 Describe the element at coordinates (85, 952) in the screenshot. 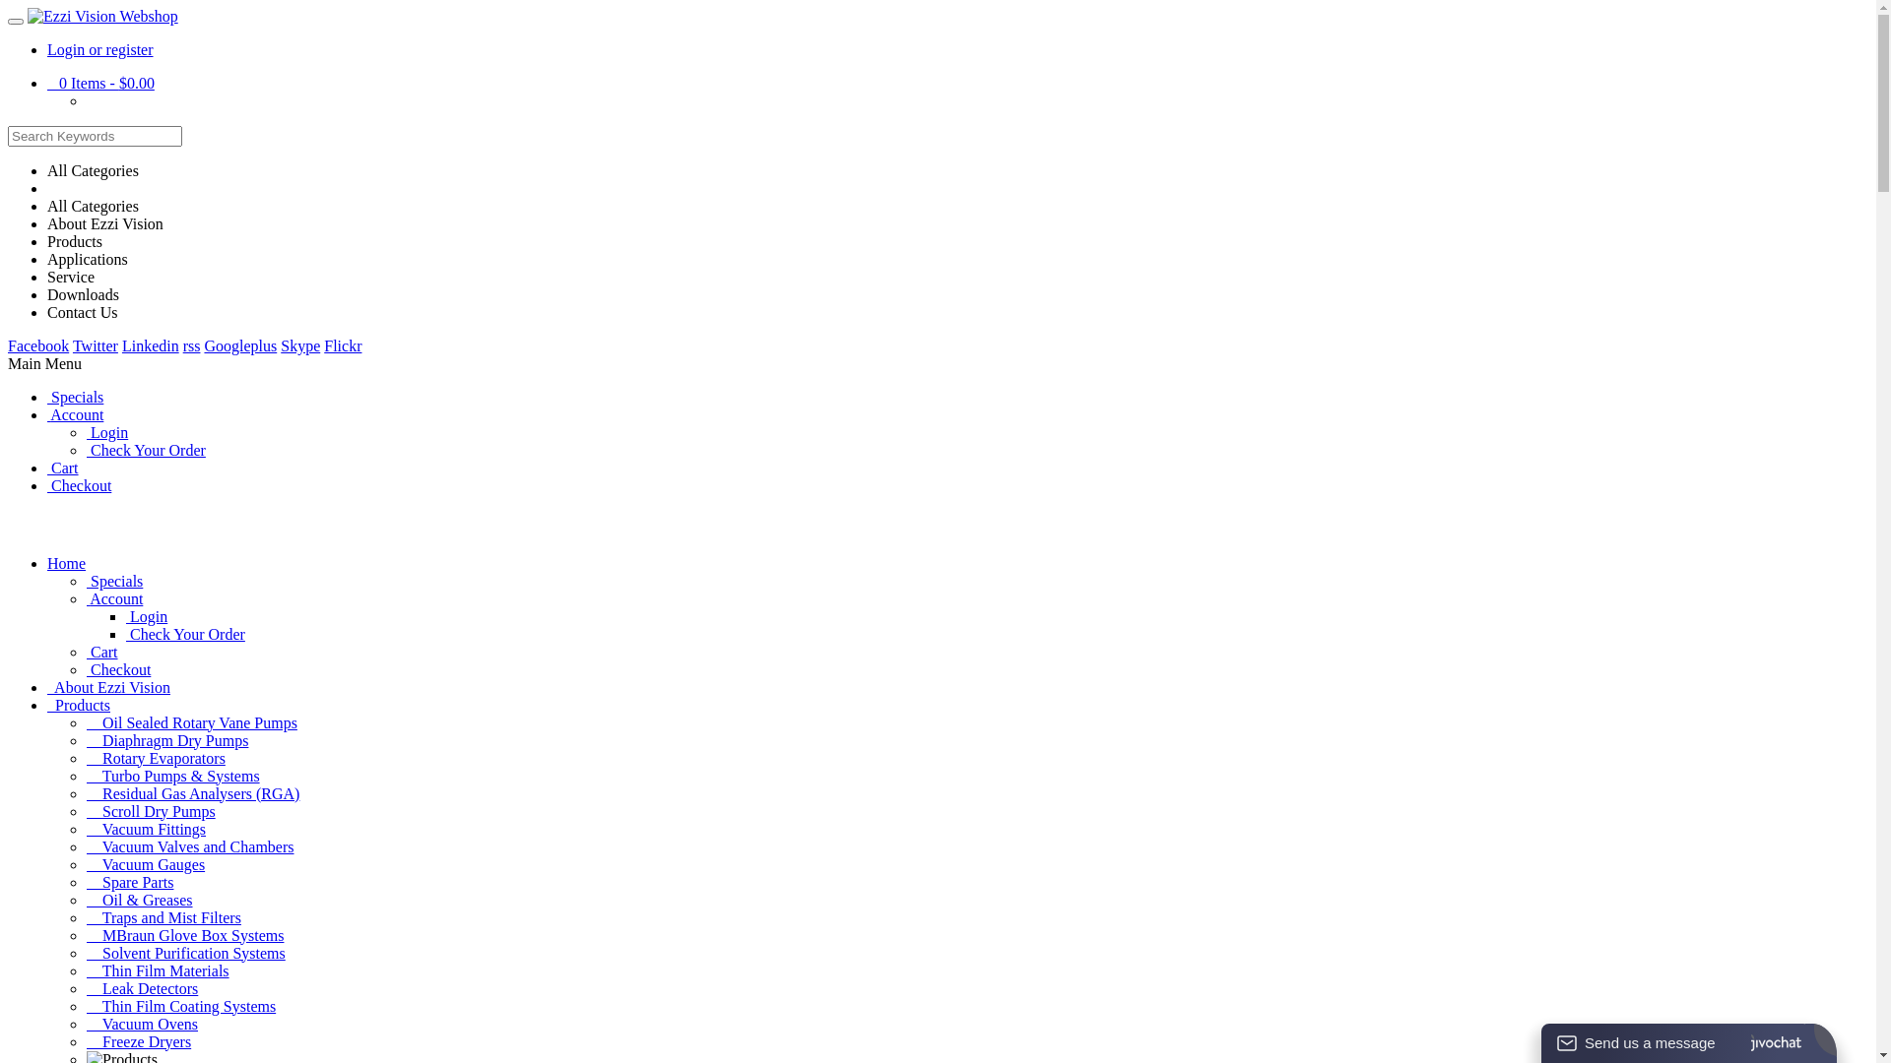

I see `'    Solvent Purification Systems'` at that location.